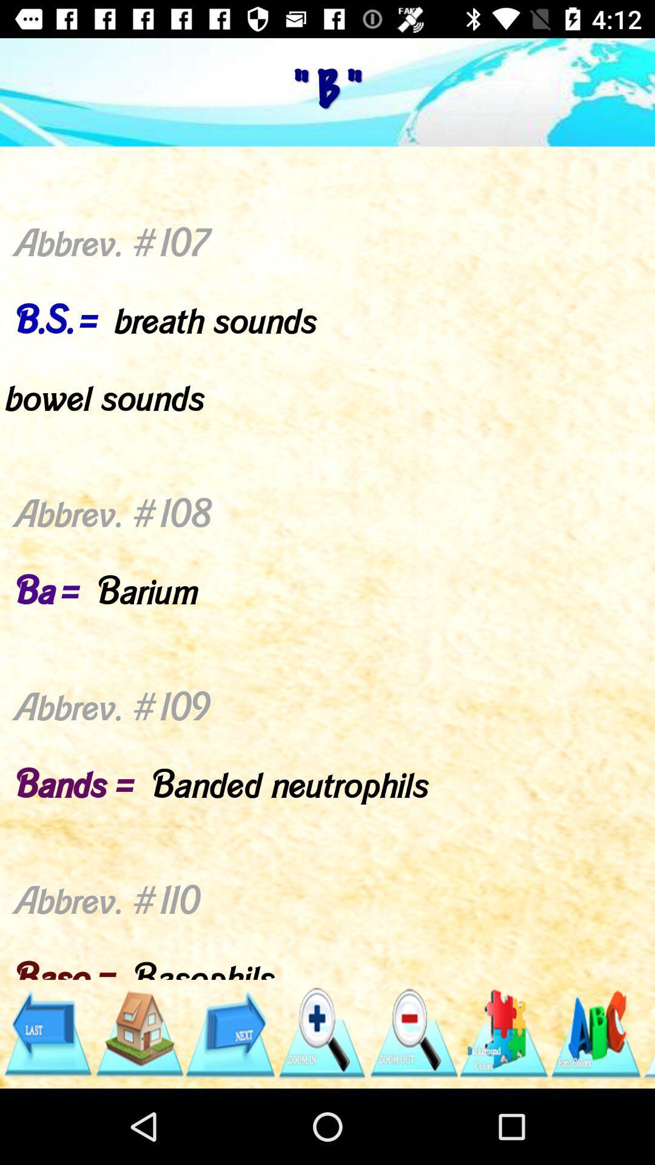  I want to click on the arrow_forward icon, so click(230, 1033).